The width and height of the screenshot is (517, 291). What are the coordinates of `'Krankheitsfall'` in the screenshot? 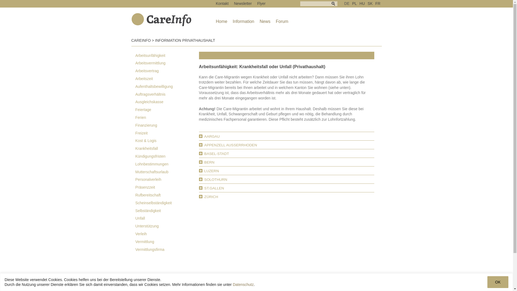 It's located at (167, 148).